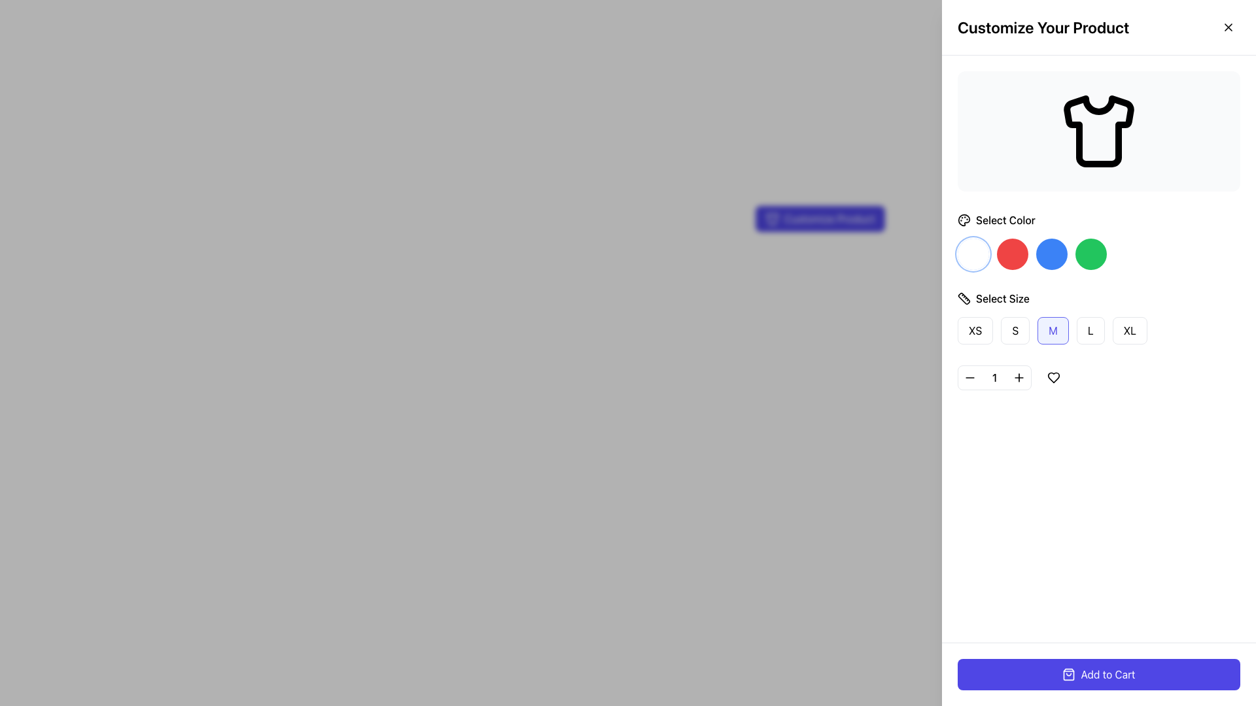  What do you see at coordinates (994, 378) in the screenshot?
I see `the label that represents the currently selected quantity in the numeric stepper control, positioned between the minus button on the left and the plus button on the right` at bounding box center [994, 378].